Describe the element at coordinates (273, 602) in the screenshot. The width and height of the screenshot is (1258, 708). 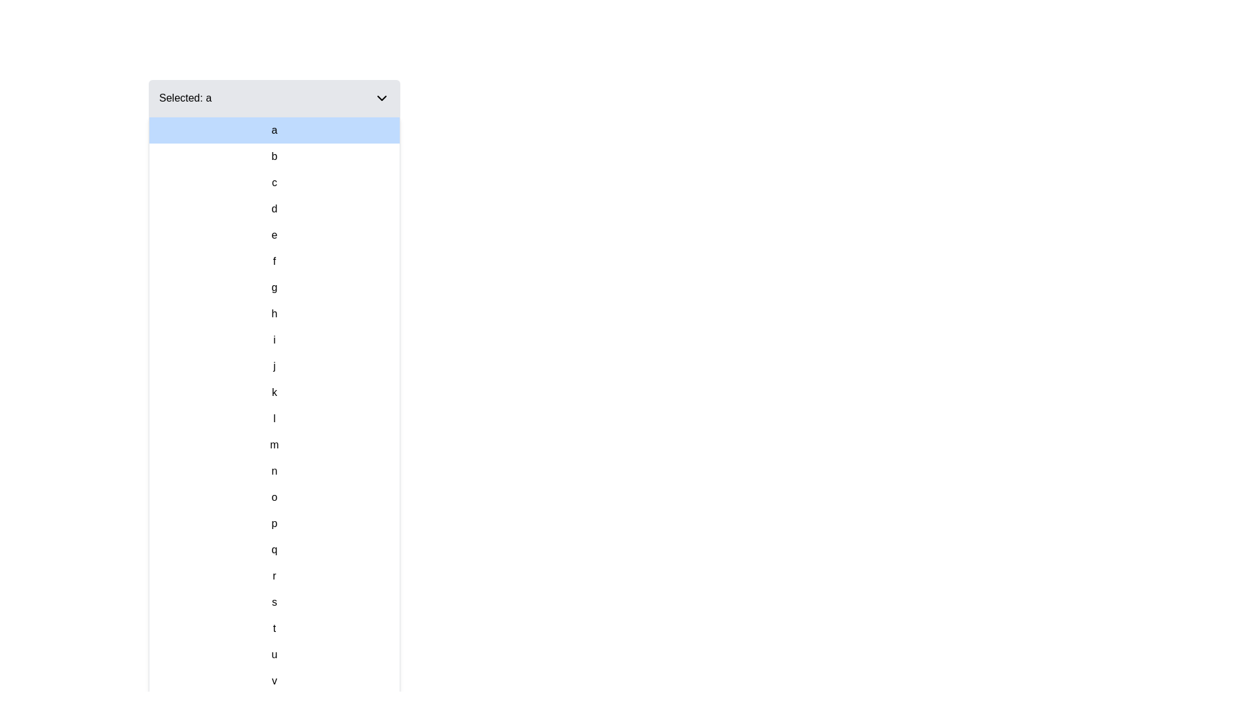
I see `the 19th list item in the dropdown menu that displays the letter 's' for highlighting` at that location.